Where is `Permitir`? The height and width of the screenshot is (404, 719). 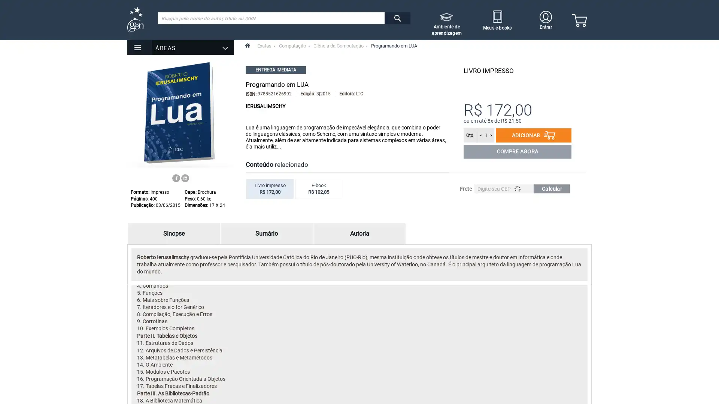
Permitir is located at coordinates (30, 41).